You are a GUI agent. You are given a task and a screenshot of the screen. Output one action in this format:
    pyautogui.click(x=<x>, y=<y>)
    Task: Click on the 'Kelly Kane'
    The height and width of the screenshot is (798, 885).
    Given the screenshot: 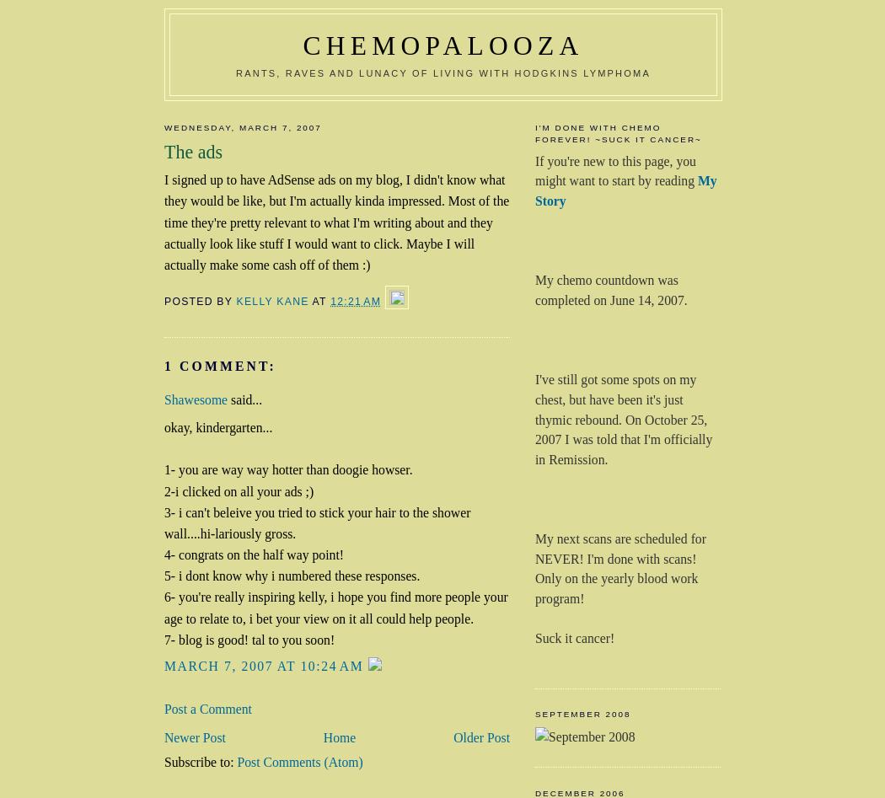 What is the action you would take?
    pyautogui.click(x=235, y=300)
    